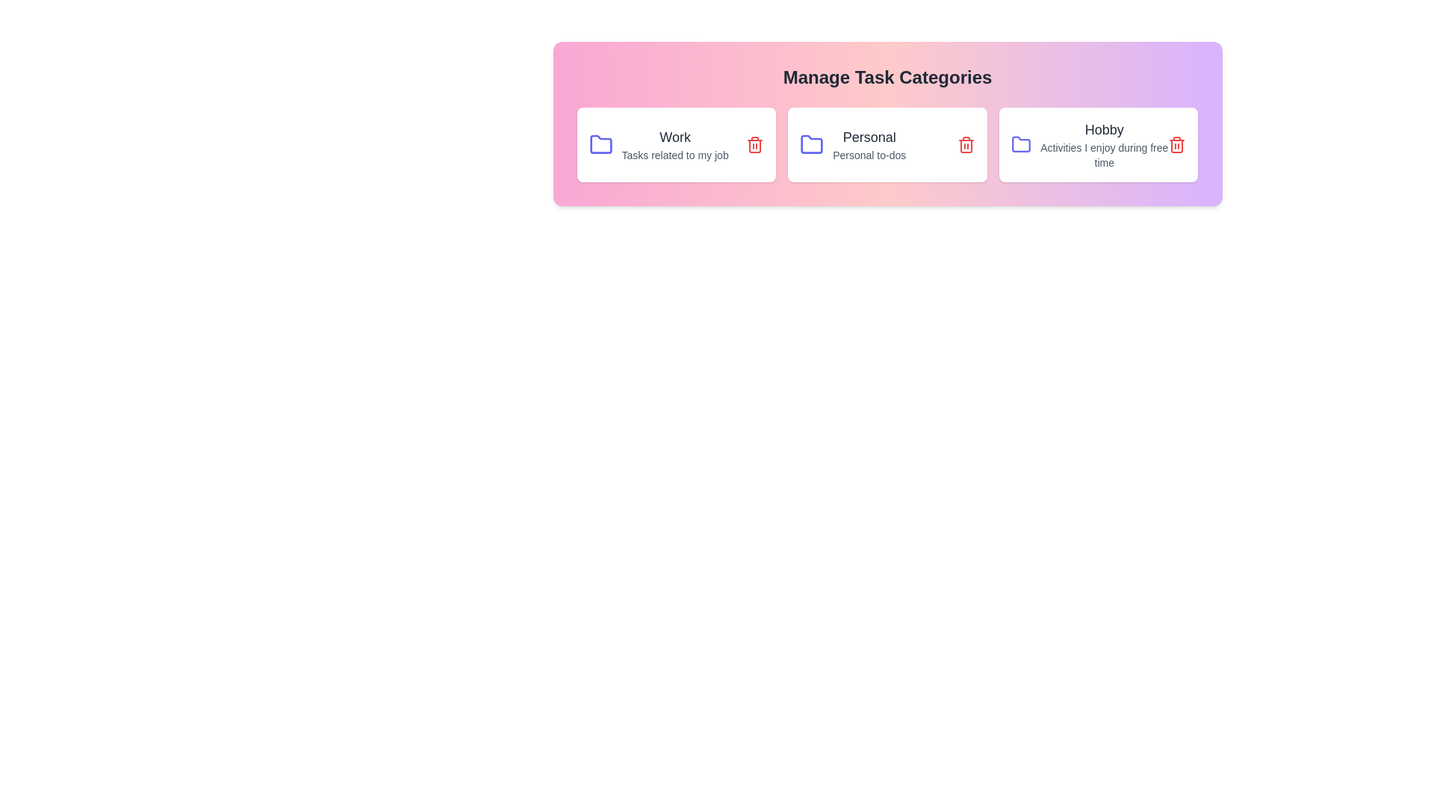 This screenshot has height=807, width=1434. I want to click on the category card labeled 'Personal' to observe hover effects, so click(887, 144).